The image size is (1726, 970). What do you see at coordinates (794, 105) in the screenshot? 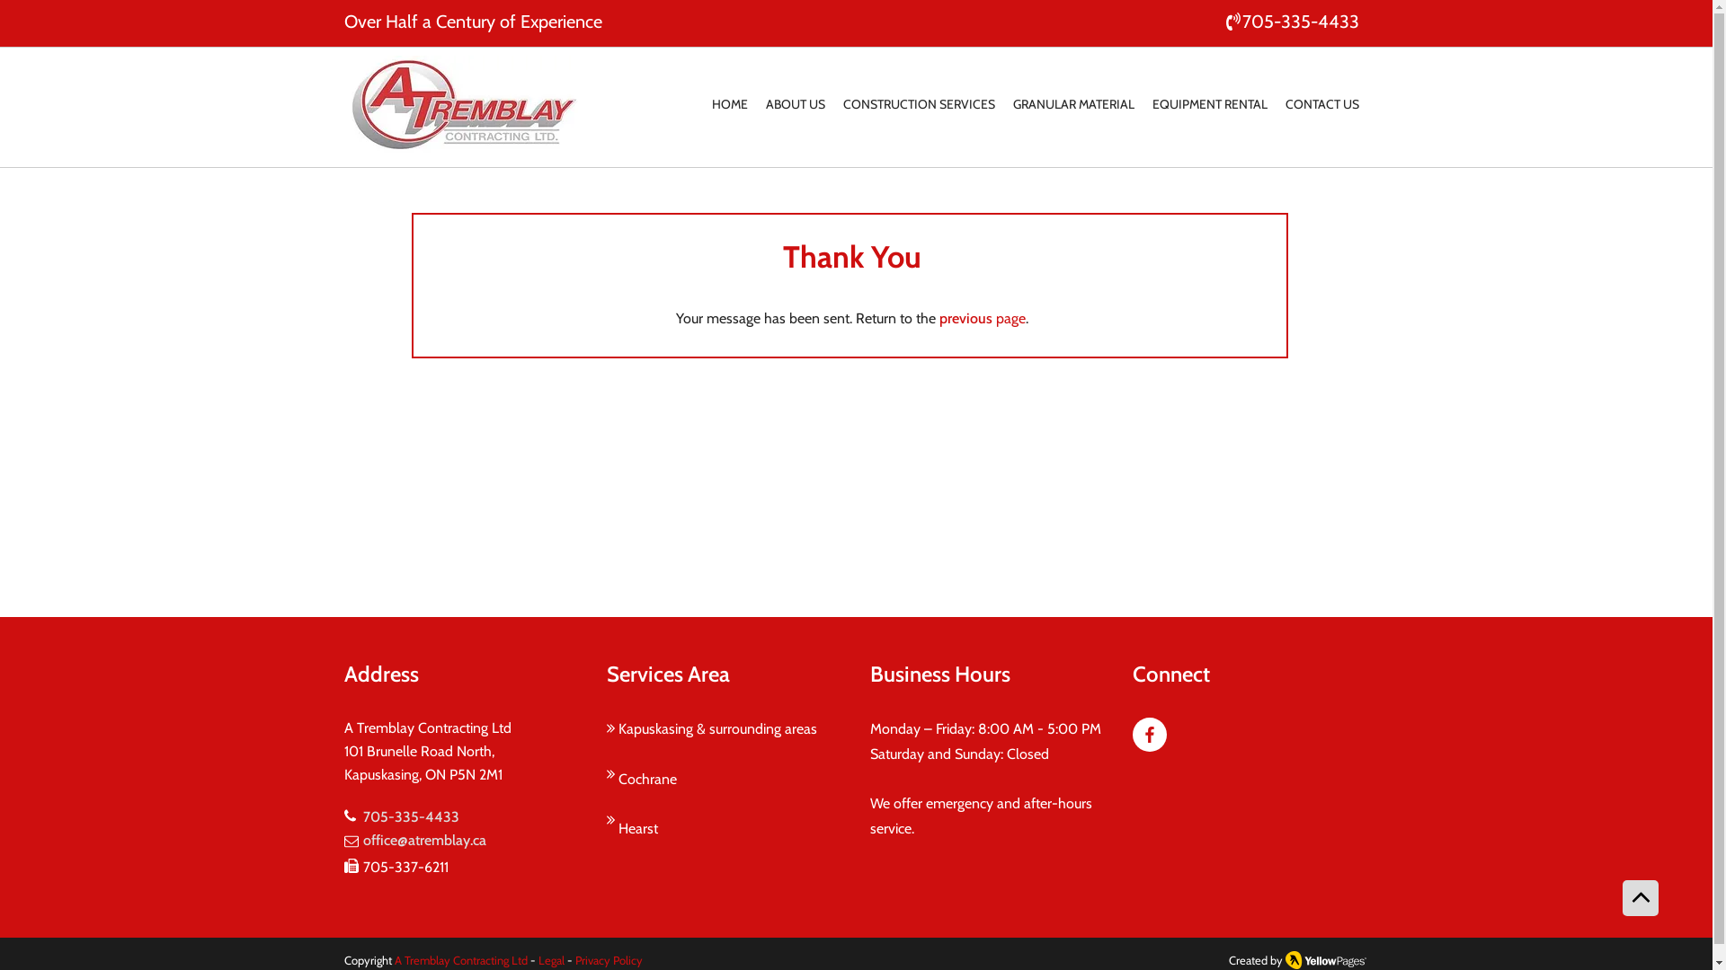
I see `'ABOUT US'` at bounding box center [794, 105].